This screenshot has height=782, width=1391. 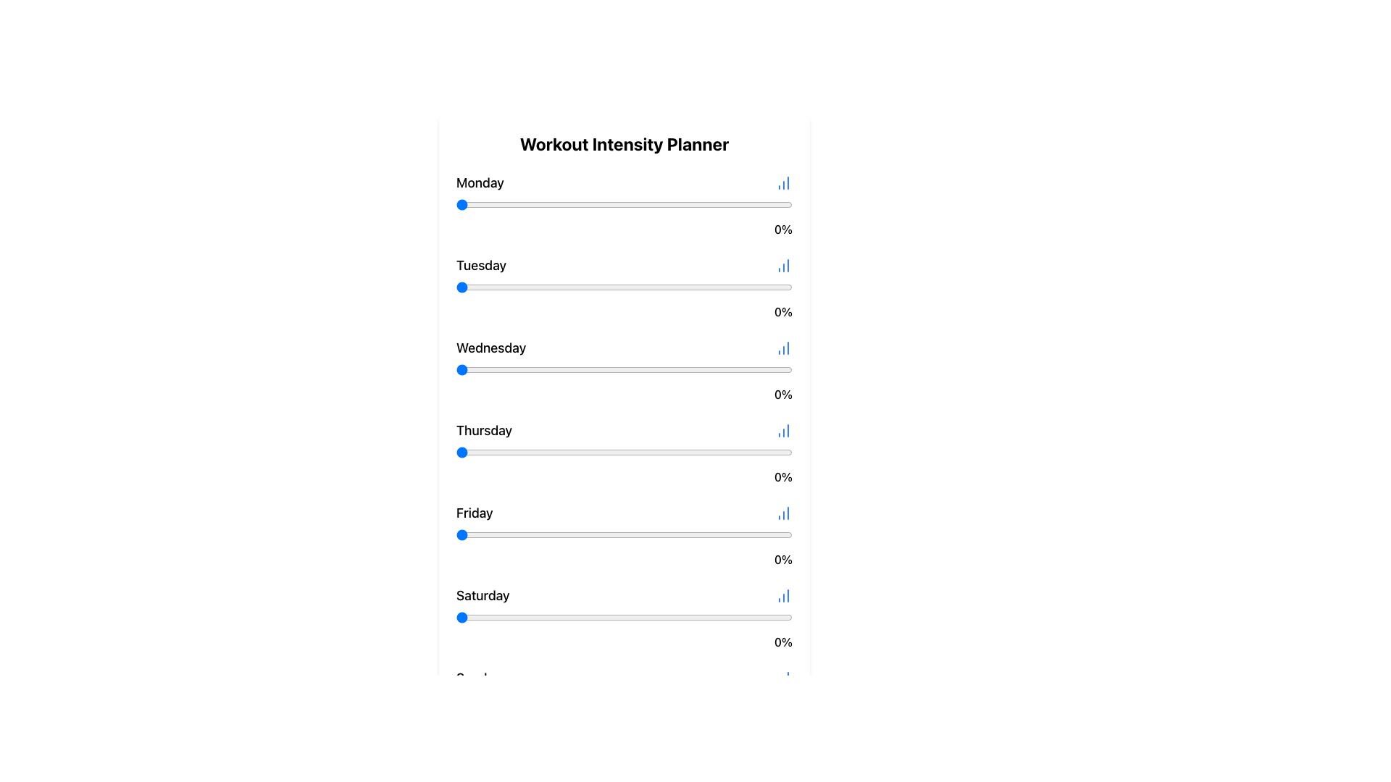 What do you see at coordinates (491, 348) in the screenshot?
I see `the Text label that indicates the day 'Wednesday', which is the third item in the 'Workout Intensity Planner' list` at bounding box center [491, 348].